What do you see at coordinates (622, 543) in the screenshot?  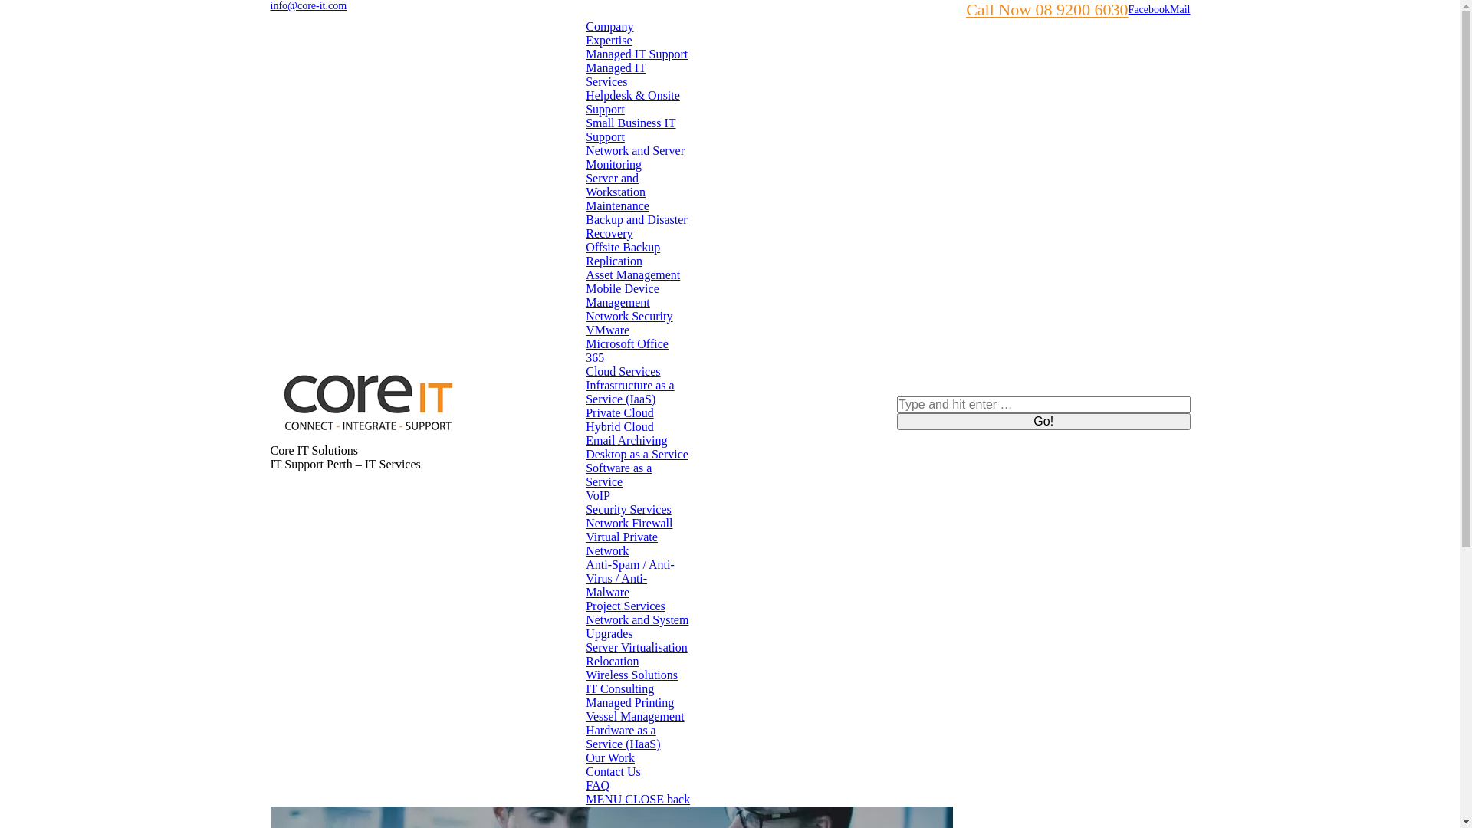 I see `'Virtual Private Network'` at bounding box center [622, 543].